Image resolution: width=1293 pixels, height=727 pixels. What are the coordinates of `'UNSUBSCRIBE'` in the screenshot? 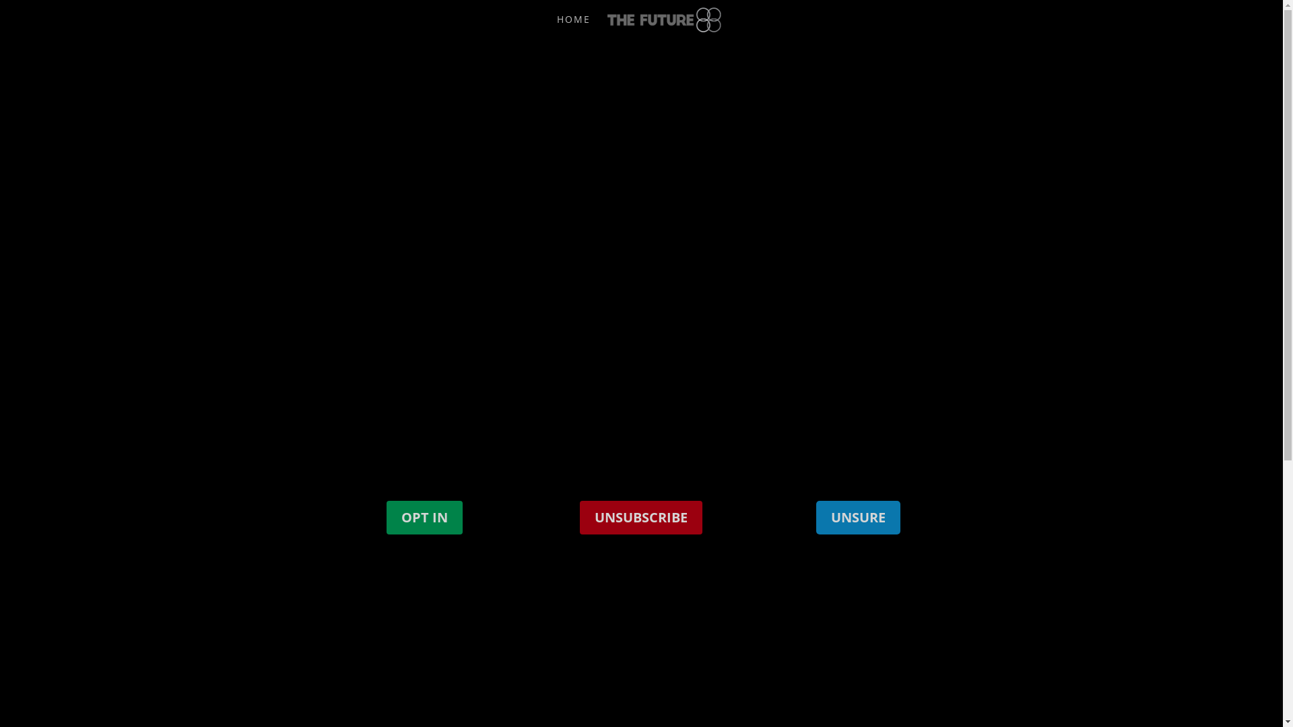 It's located at (640, 516).